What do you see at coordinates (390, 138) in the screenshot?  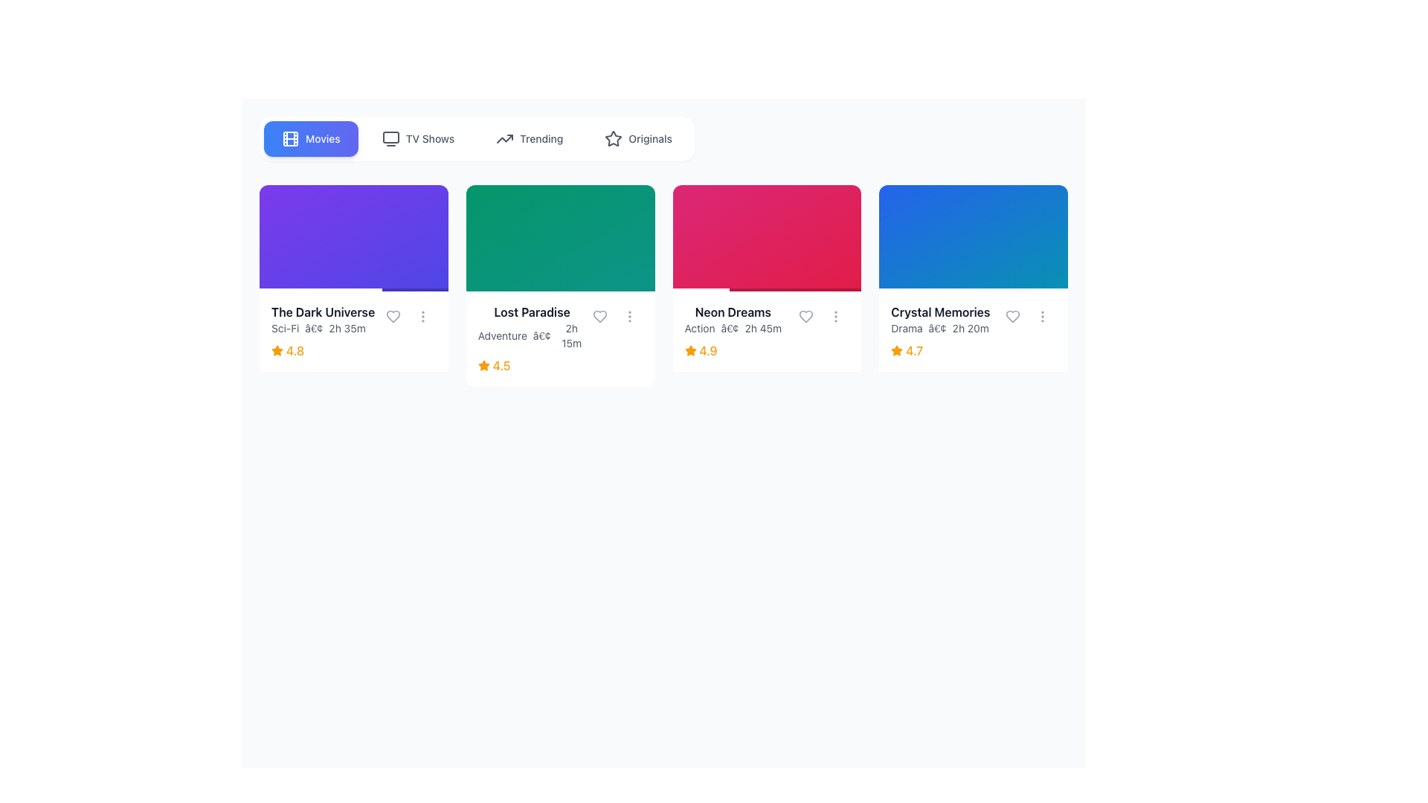 I see `the SVG graphical component representing the 'TV Shows' section in the navigation bar` at bounding box center [390, 138].